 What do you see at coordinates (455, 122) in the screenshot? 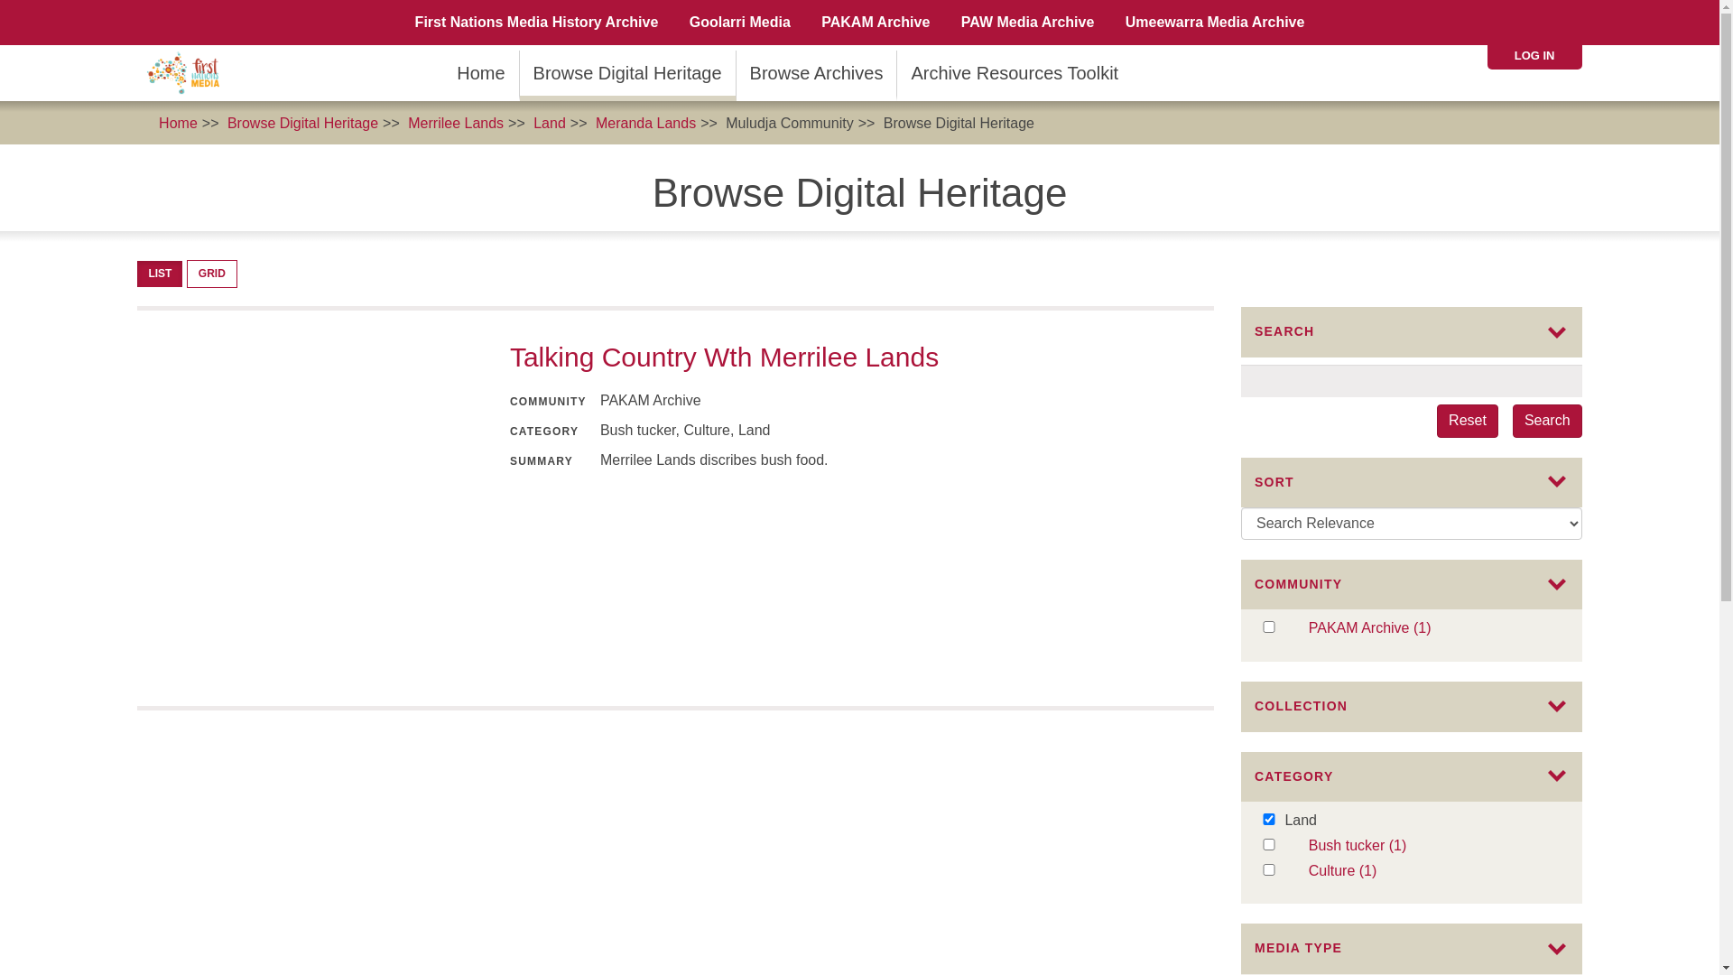
I see `'Merrilee Lands'` at bounding box center [455, 122].